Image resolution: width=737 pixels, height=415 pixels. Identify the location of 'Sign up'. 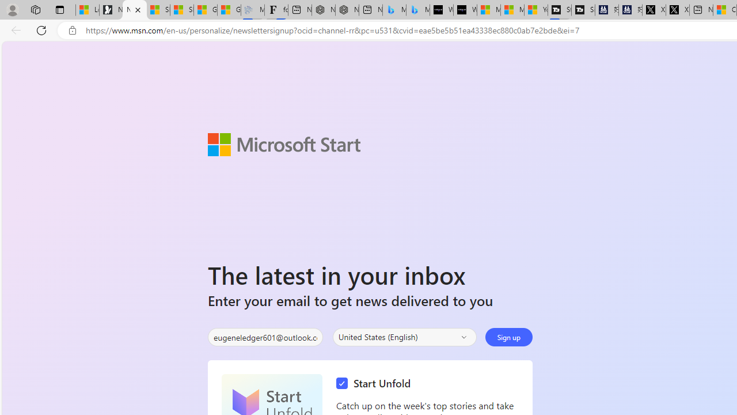
(508, 337).